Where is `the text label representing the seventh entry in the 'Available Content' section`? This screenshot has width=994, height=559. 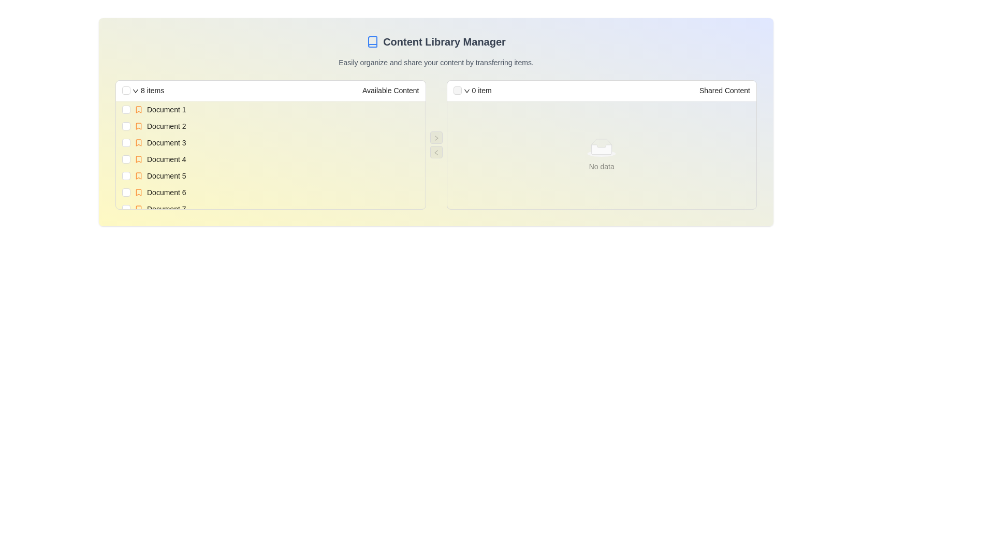 the text label representing the seventh entry in the 'Available Content' section is located at coordinates (166, 209).